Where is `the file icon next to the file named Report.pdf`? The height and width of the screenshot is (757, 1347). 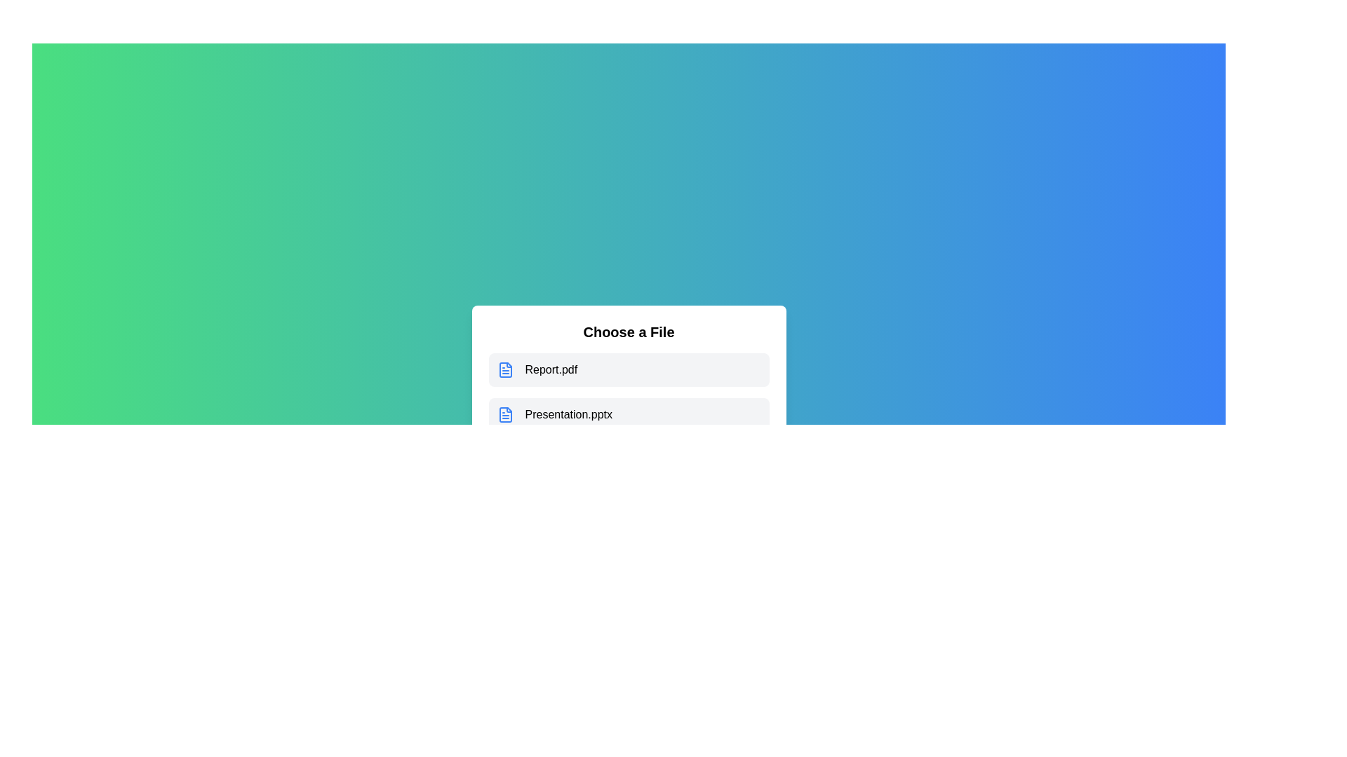
the file icon next to the file named Report.pdf is located at coordinates (505, 369).